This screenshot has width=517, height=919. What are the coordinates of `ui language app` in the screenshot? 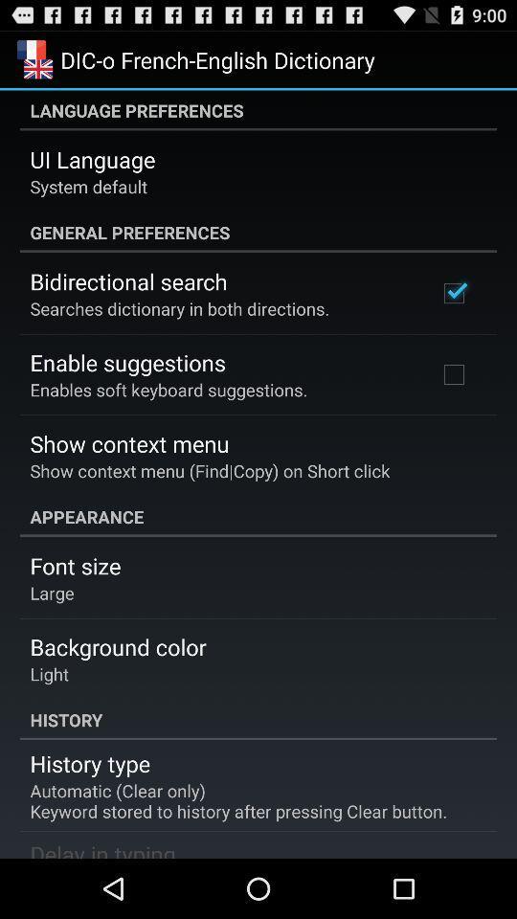 It's located at (91, 158).